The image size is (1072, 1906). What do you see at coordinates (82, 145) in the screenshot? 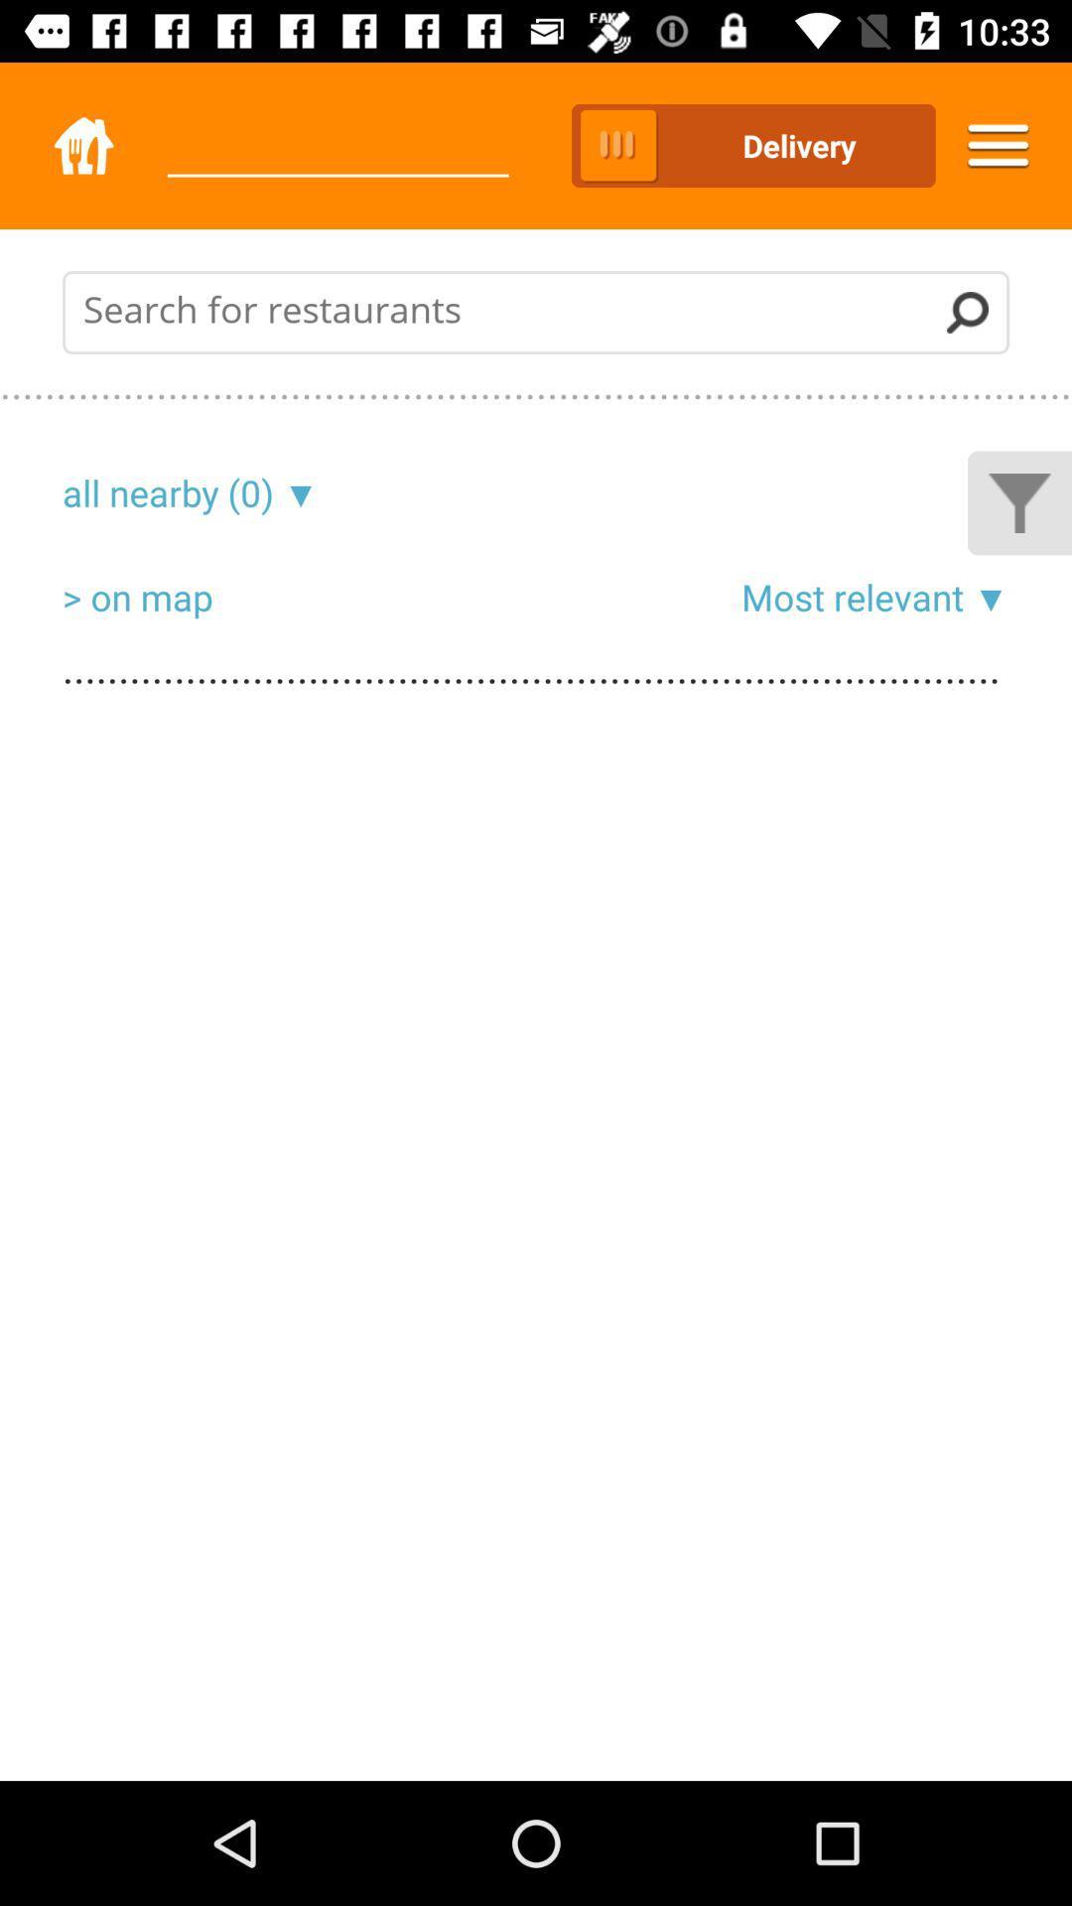
I see `the home icon` at bounding box center [82, 145].